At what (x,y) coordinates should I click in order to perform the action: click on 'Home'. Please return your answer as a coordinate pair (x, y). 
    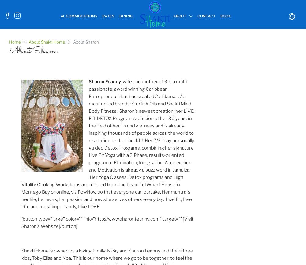
    Looking at the image, I should click on (9, 42).